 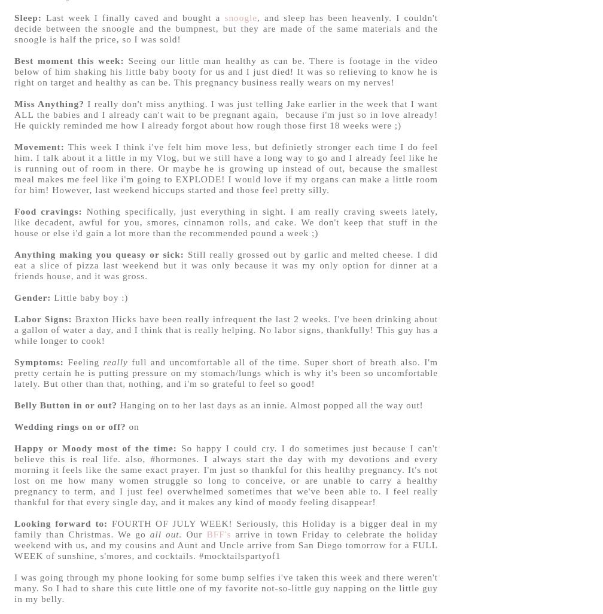 What do you see at coordinates (14, 146) in the screenshot?
I see `'Movement:'` at bounding box center [14, 146].